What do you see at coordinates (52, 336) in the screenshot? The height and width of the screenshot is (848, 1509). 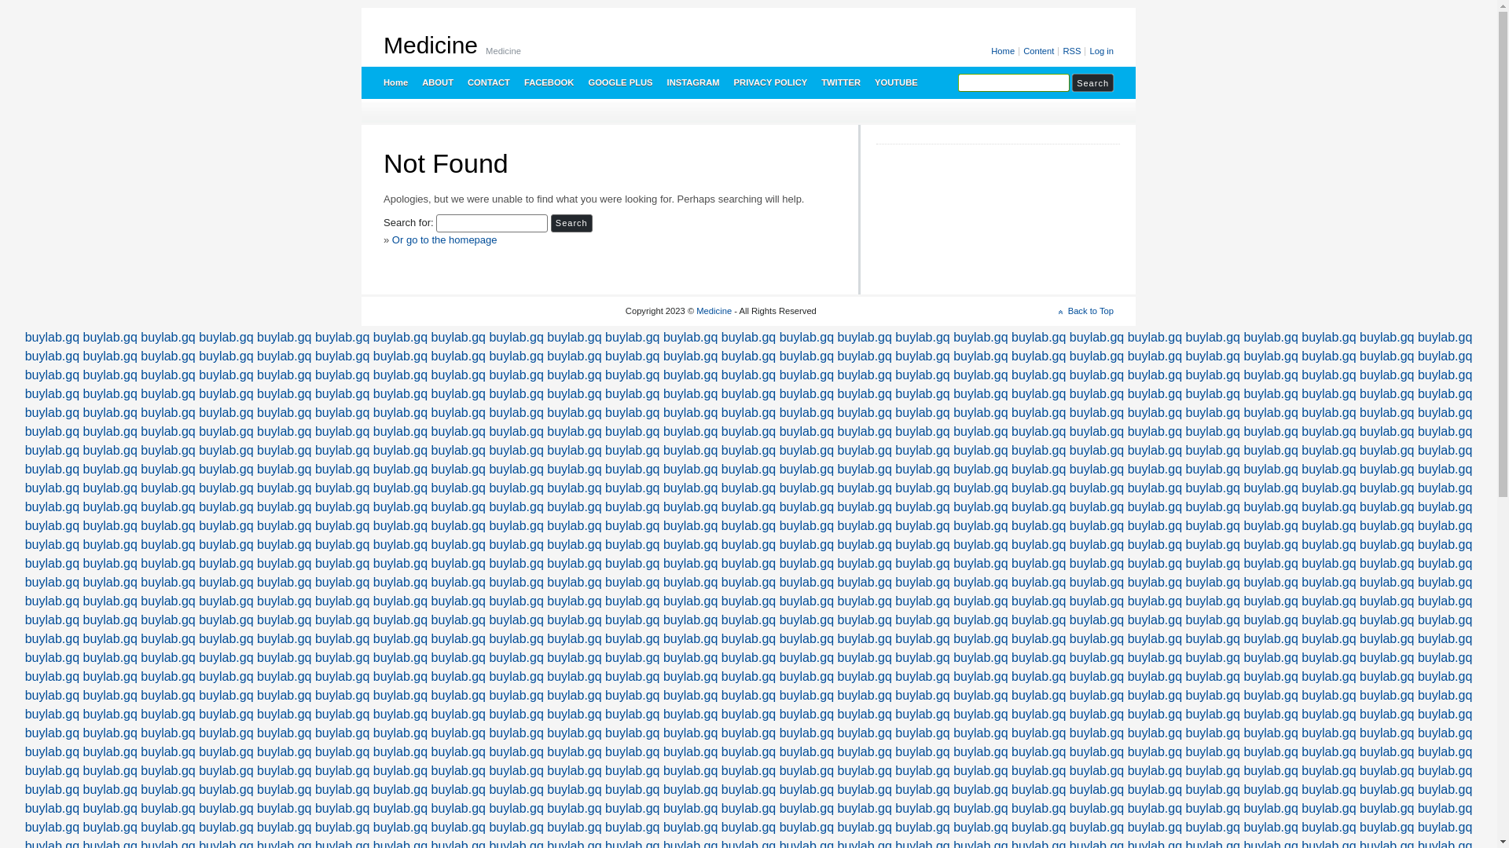 I see `'buylab.gq'` at bounding box center [52, 336].